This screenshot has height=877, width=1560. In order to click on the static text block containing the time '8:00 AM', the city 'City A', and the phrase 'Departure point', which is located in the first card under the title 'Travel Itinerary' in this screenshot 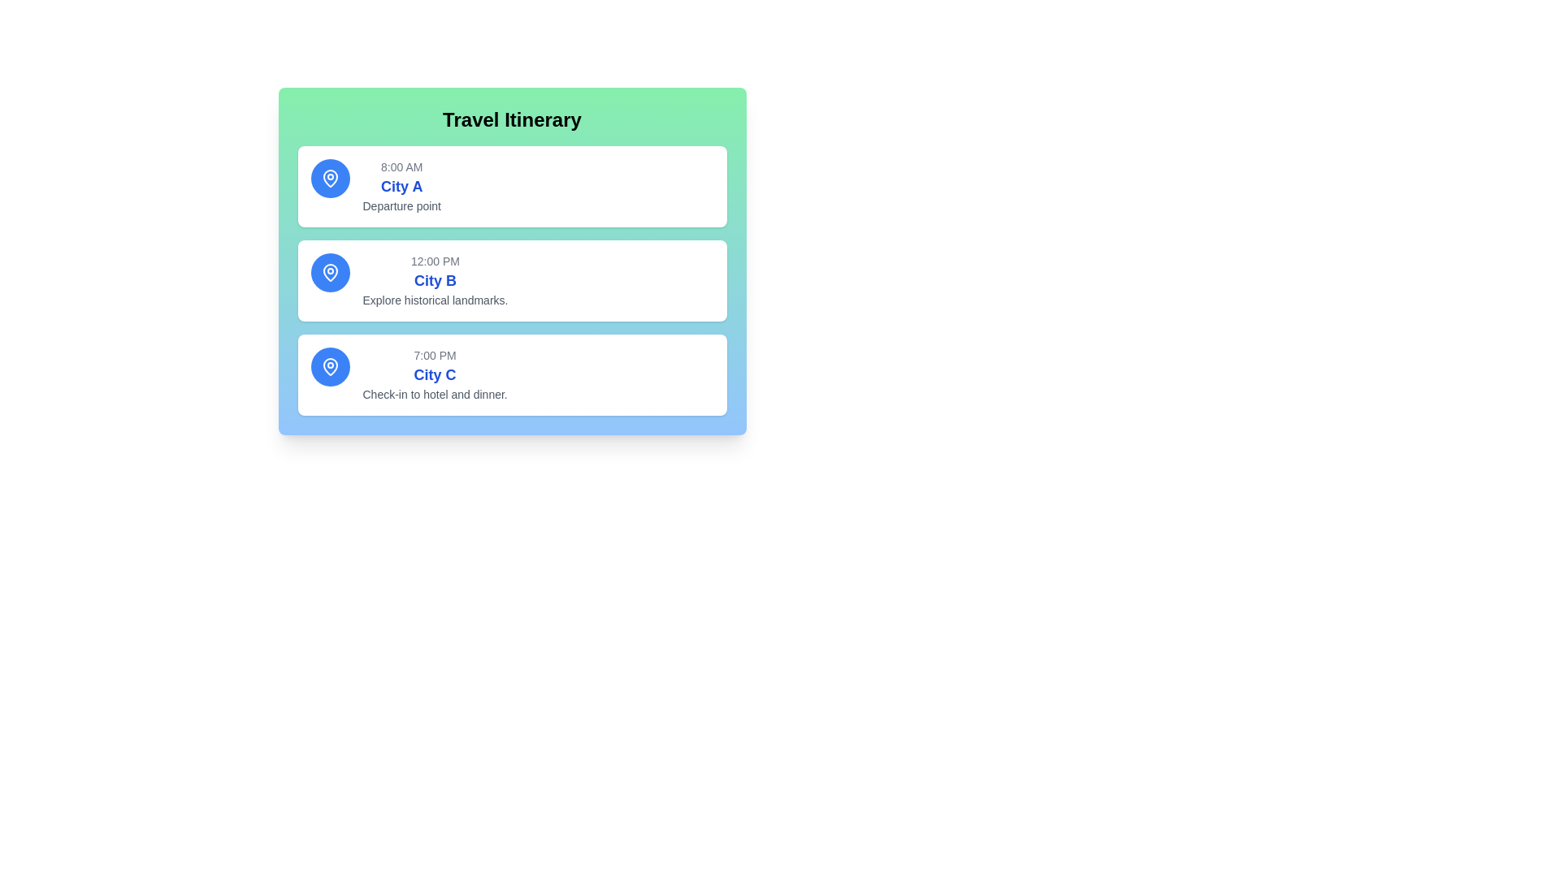, I will do `click(401, 186)`.